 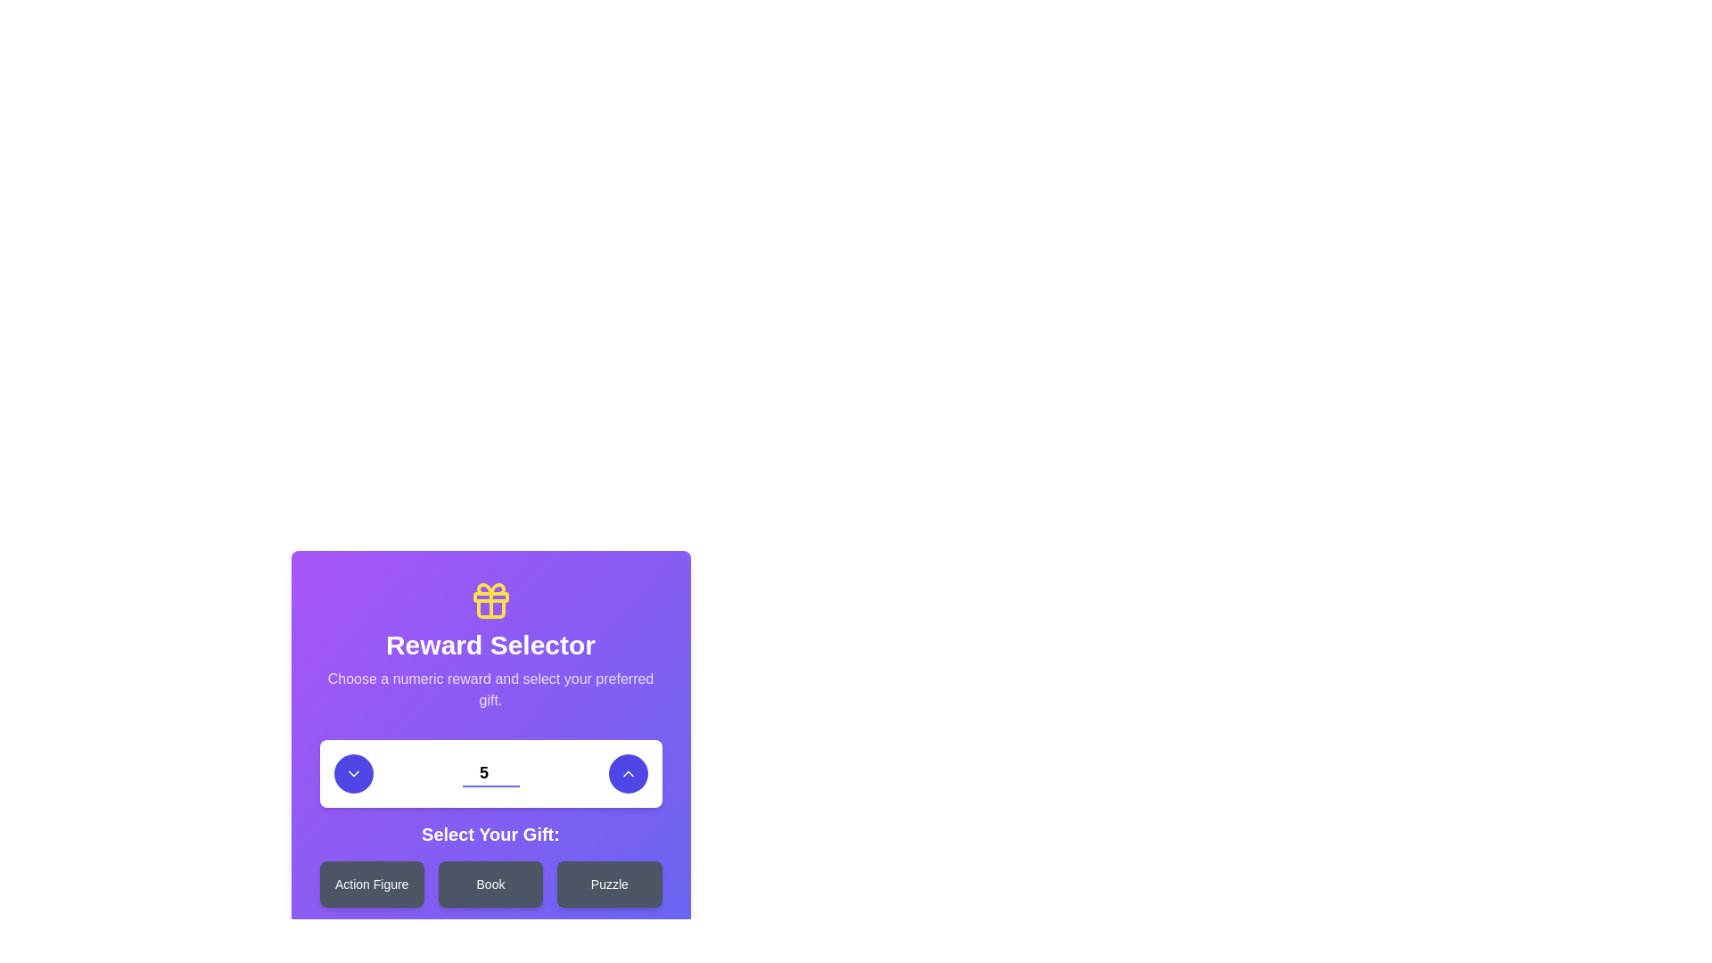 What do you see at coordinates (371, 884) in the screenshot?
I see `the interactive button that selects 'Action Figure' within the reward selection process` at bounding box center [371, 884].